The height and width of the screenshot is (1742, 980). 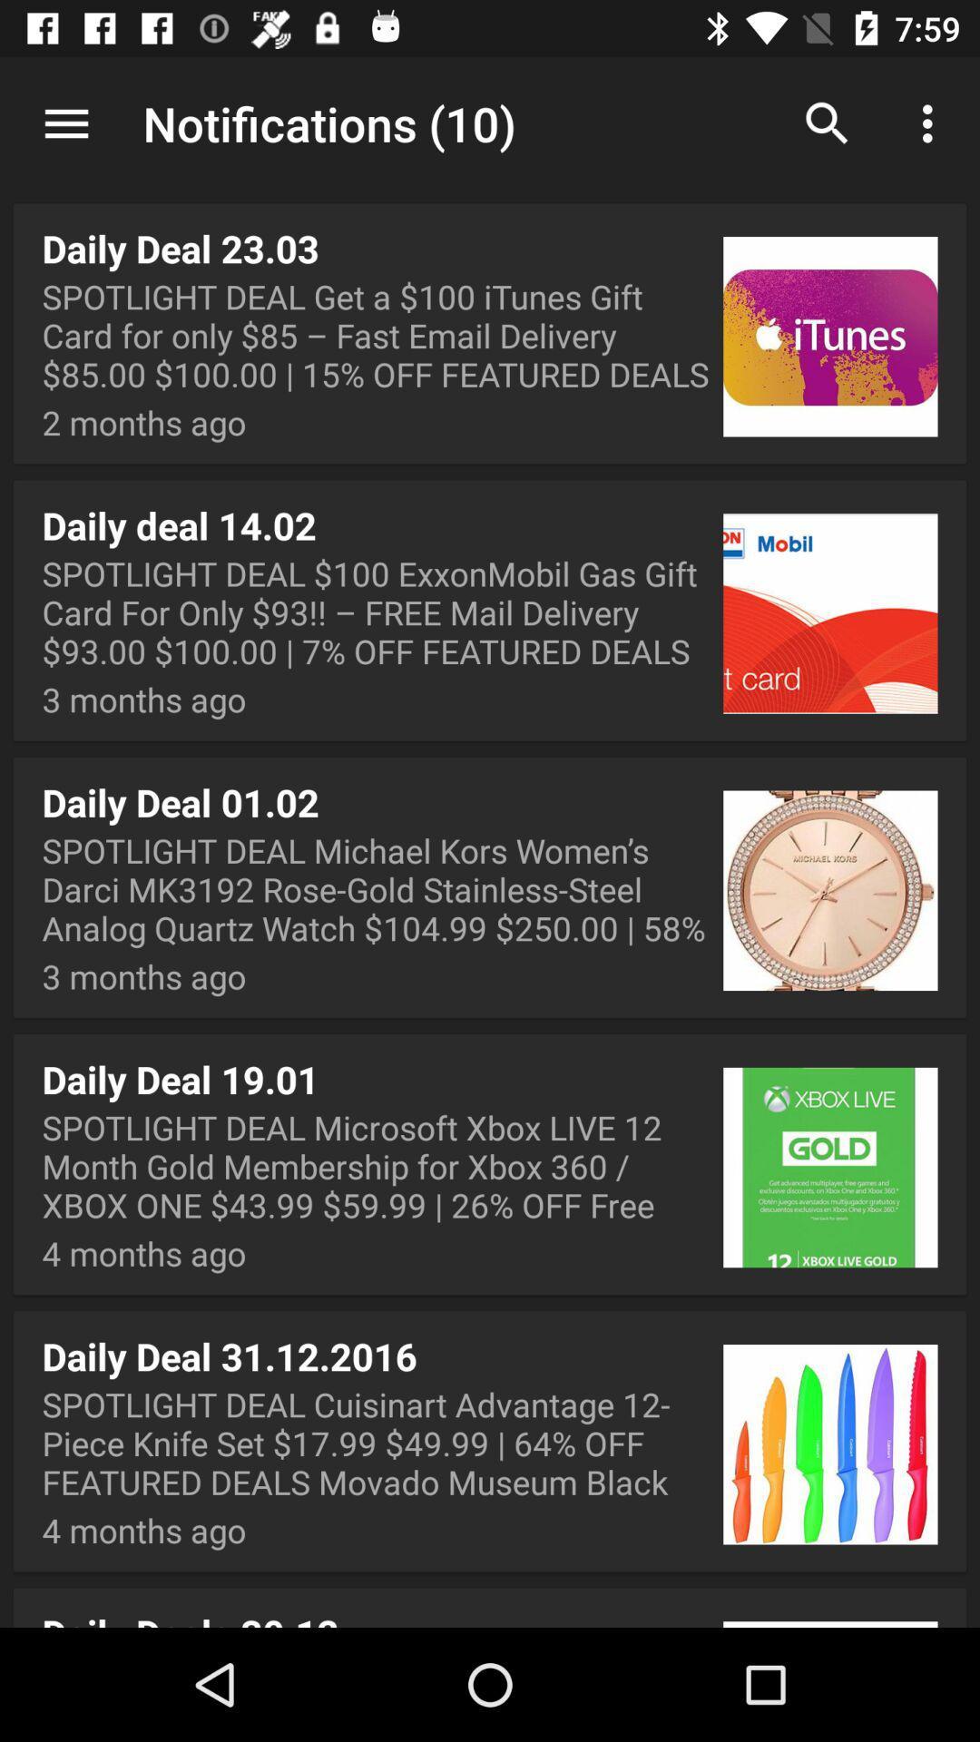 I want to click on icon above the daily deal 23 app, so click(x=65, y=122).